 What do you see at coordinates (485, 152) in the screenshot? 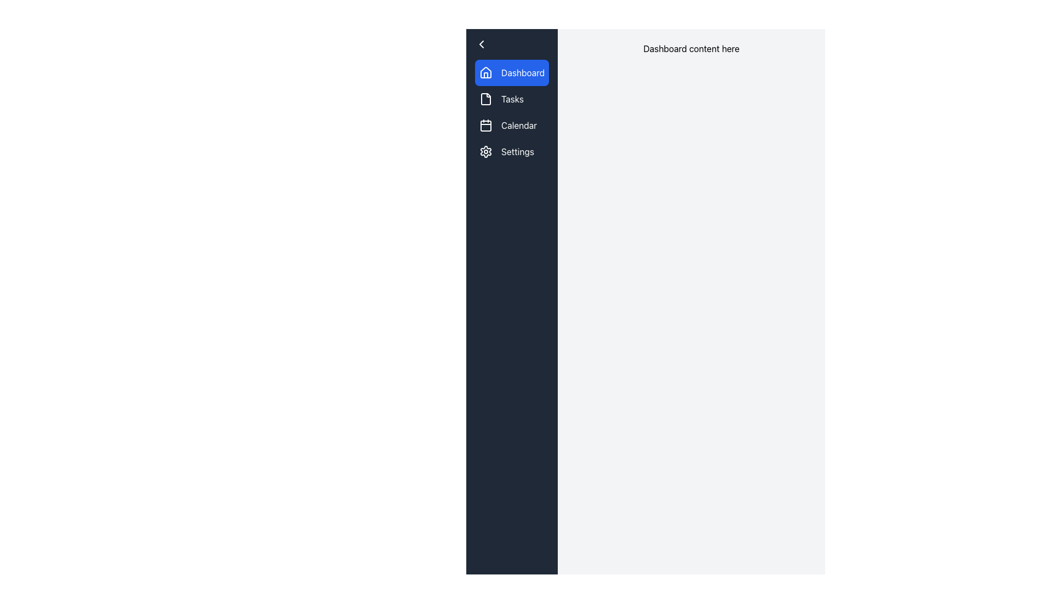
I see `on the settings icon resembling a cog or gear located in the sidebar navigation under the 'Settings' menu item` at bounding box center [485, 152].